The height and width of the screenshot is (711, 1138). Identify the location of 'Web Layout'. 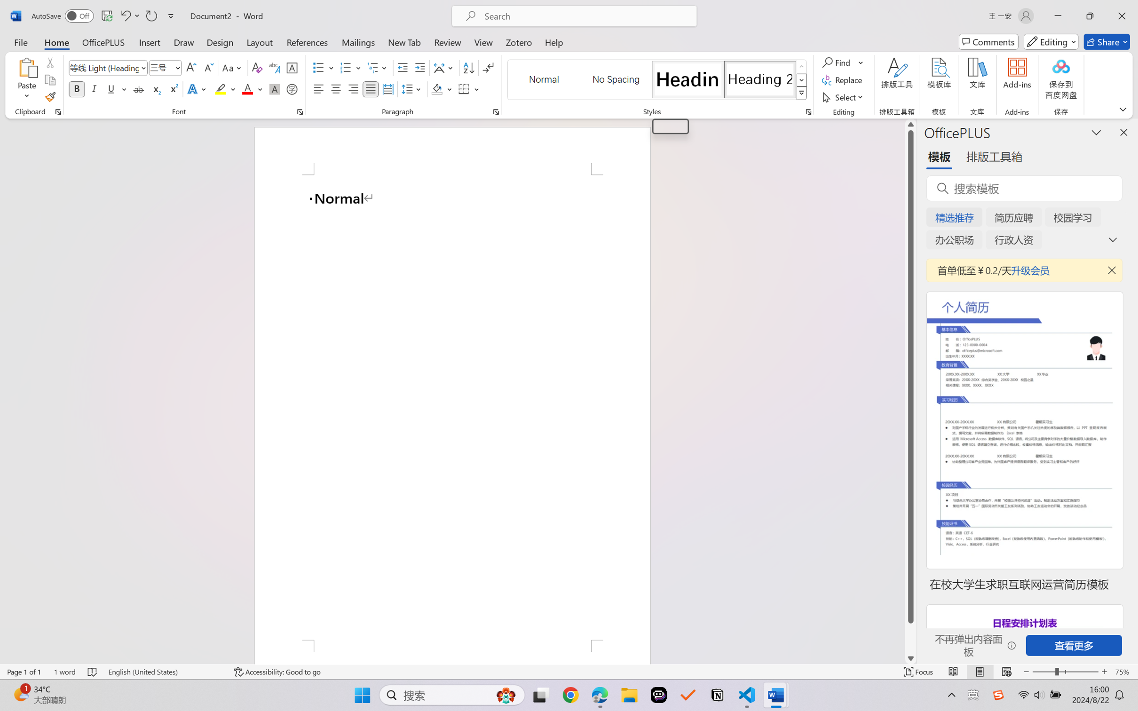
(1006, 671).